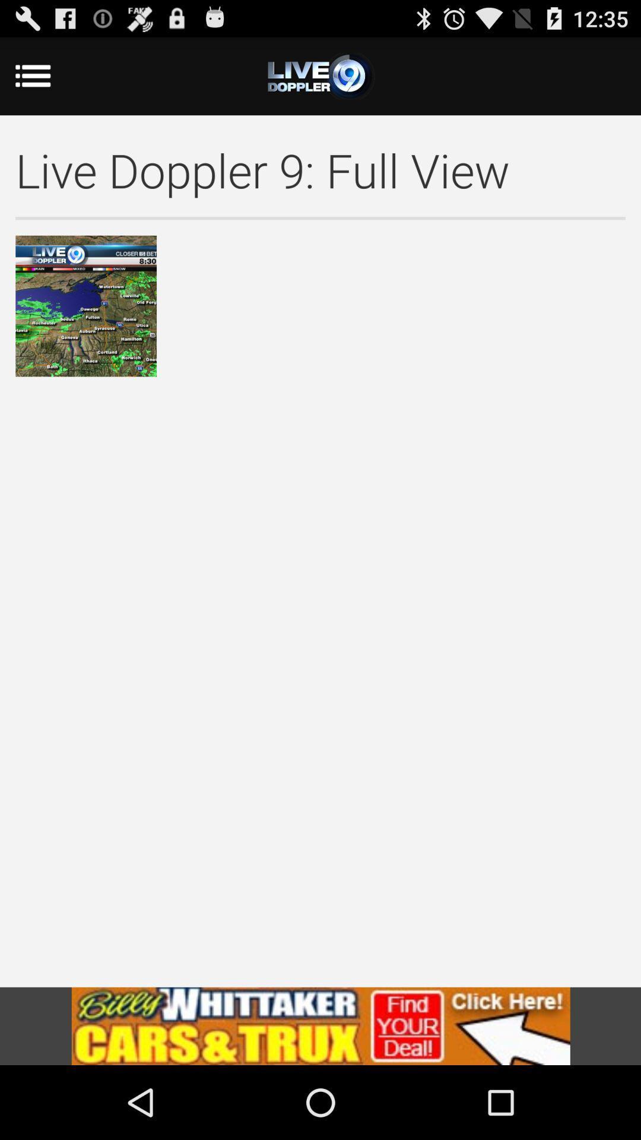  Describe the element at coordinates (320, 1025) in the screenshot. I see `open advertisement` at that location.